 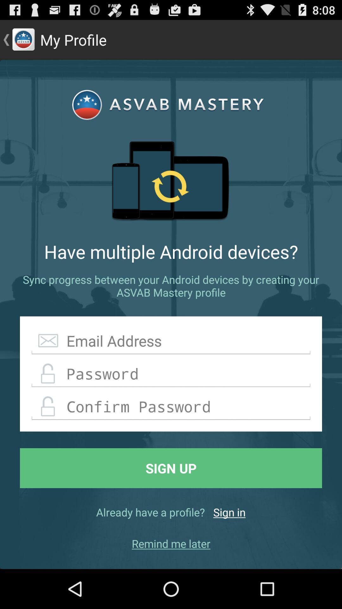 I want to click on icon above already have a icon, so click(x=171, y=468).